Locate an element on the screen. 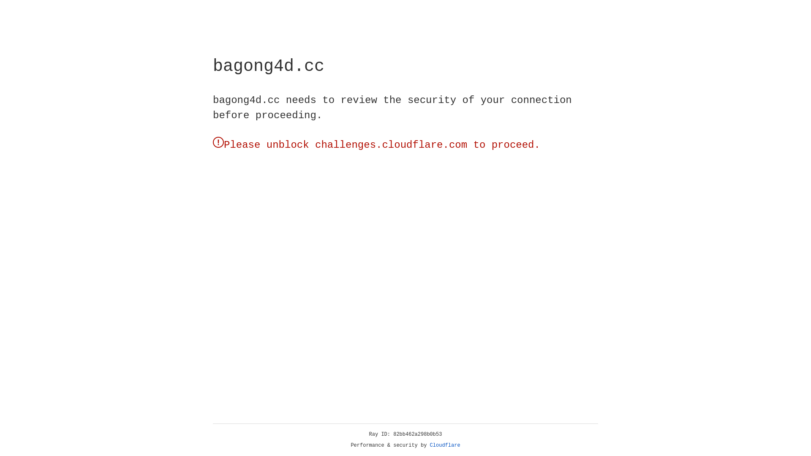 This screenshot has height=456, width=811. 'Cloudflare' is located at coordinates (430, 445).